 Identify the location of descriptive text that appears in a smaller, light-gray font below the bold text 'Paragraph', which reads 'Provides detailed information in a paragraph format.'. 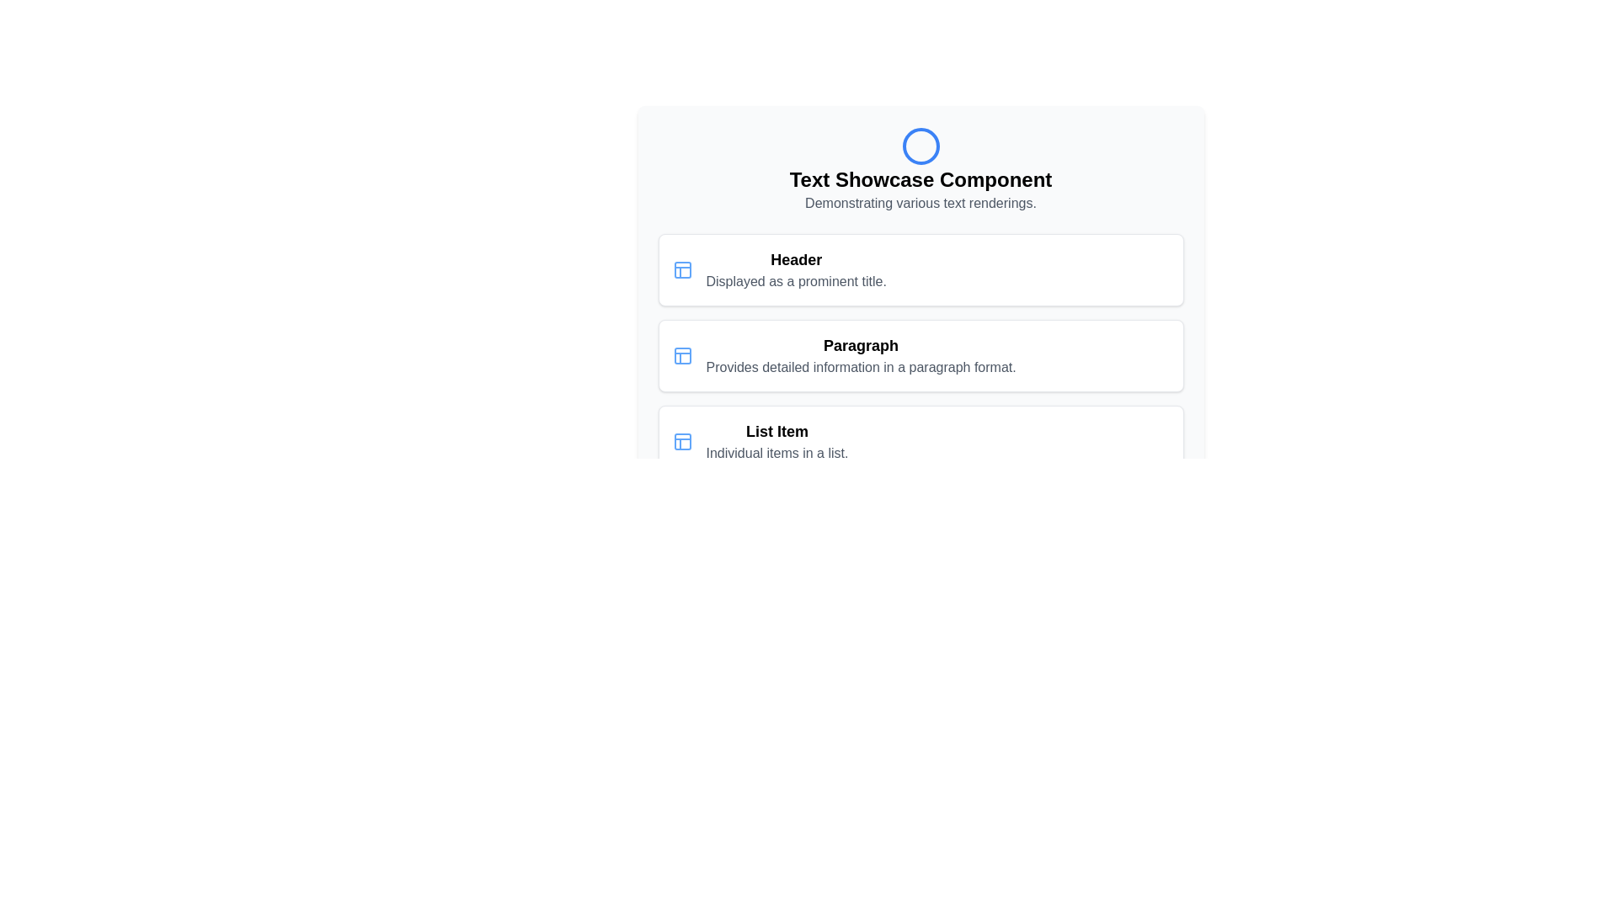
(861, 366).